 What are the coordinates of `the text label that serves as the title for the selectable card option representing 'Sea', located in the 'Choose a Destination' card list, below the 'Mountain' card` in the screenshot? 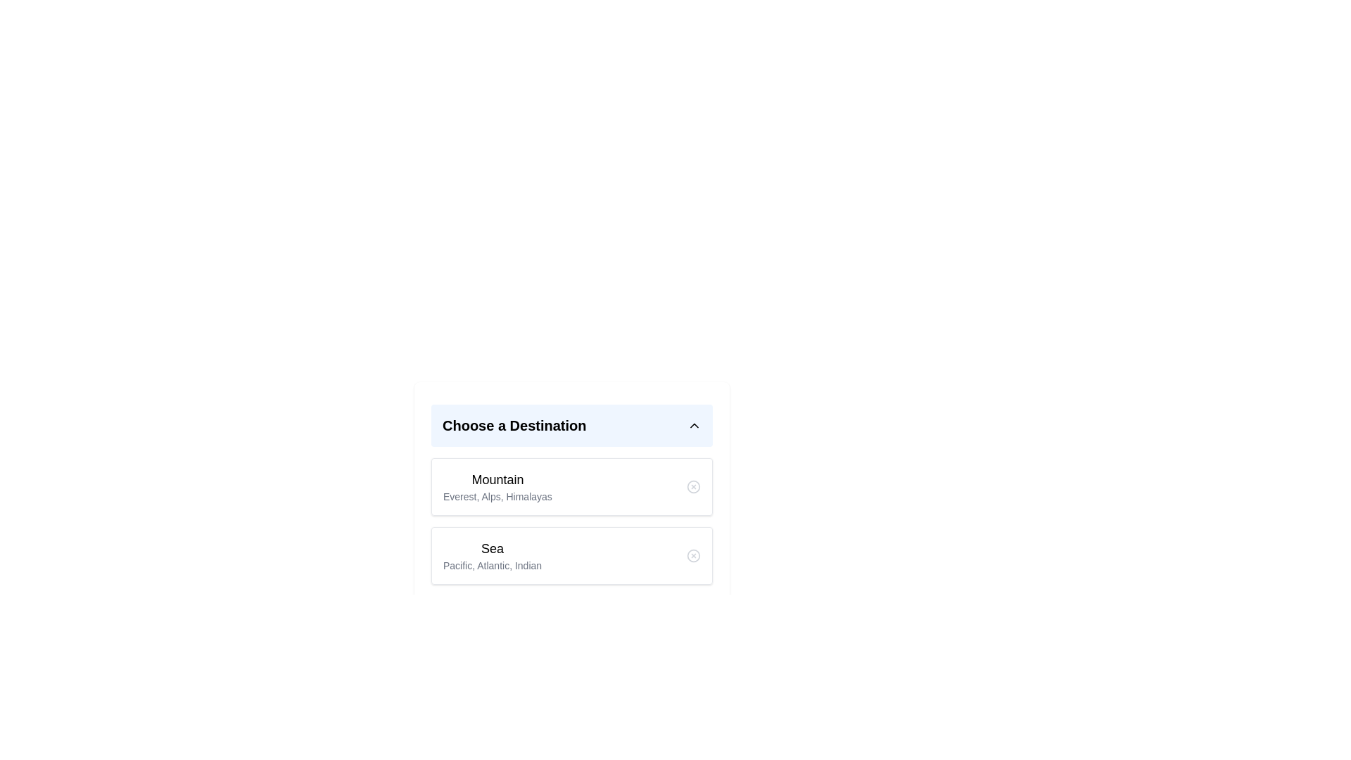 It's located at (493, 547).